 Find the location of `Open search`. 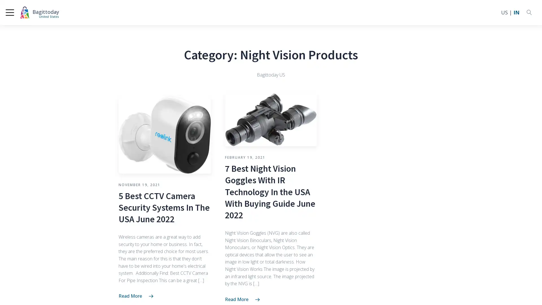

Open search is located at coordinates (529, 12).